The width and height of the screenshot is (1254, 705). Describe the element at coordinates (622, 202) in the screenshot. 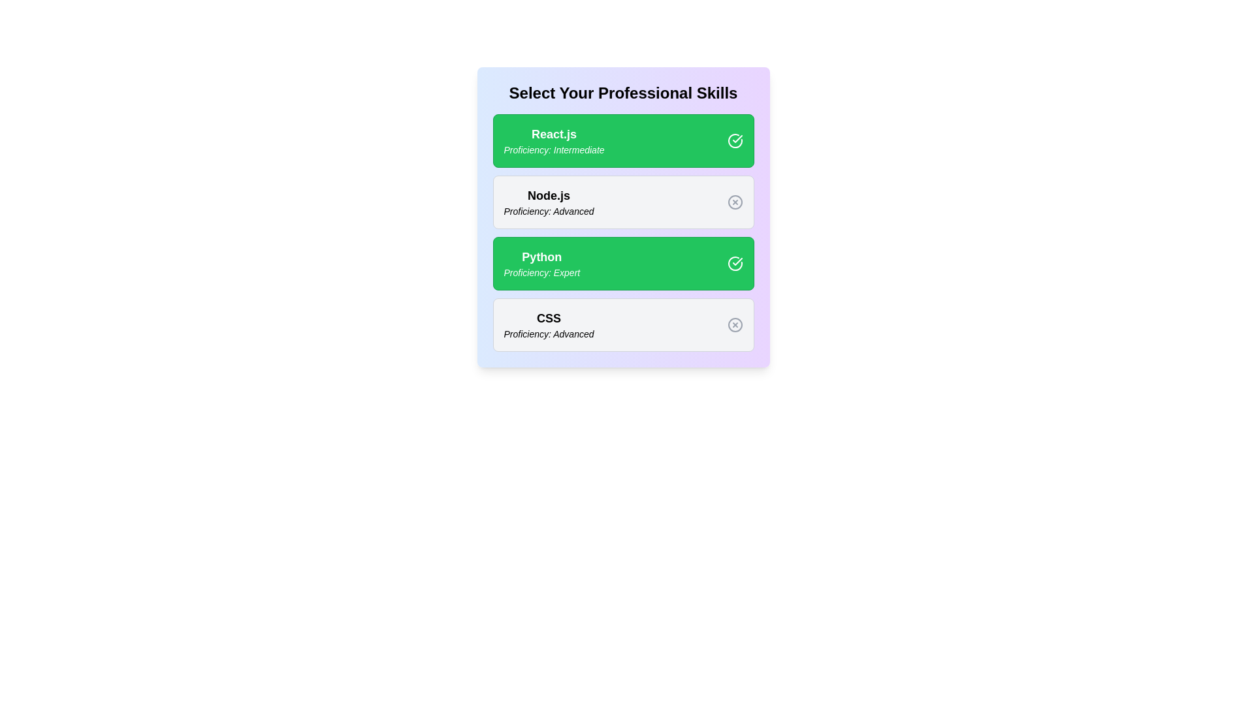

I see `the skill card for Node.js` at that location.